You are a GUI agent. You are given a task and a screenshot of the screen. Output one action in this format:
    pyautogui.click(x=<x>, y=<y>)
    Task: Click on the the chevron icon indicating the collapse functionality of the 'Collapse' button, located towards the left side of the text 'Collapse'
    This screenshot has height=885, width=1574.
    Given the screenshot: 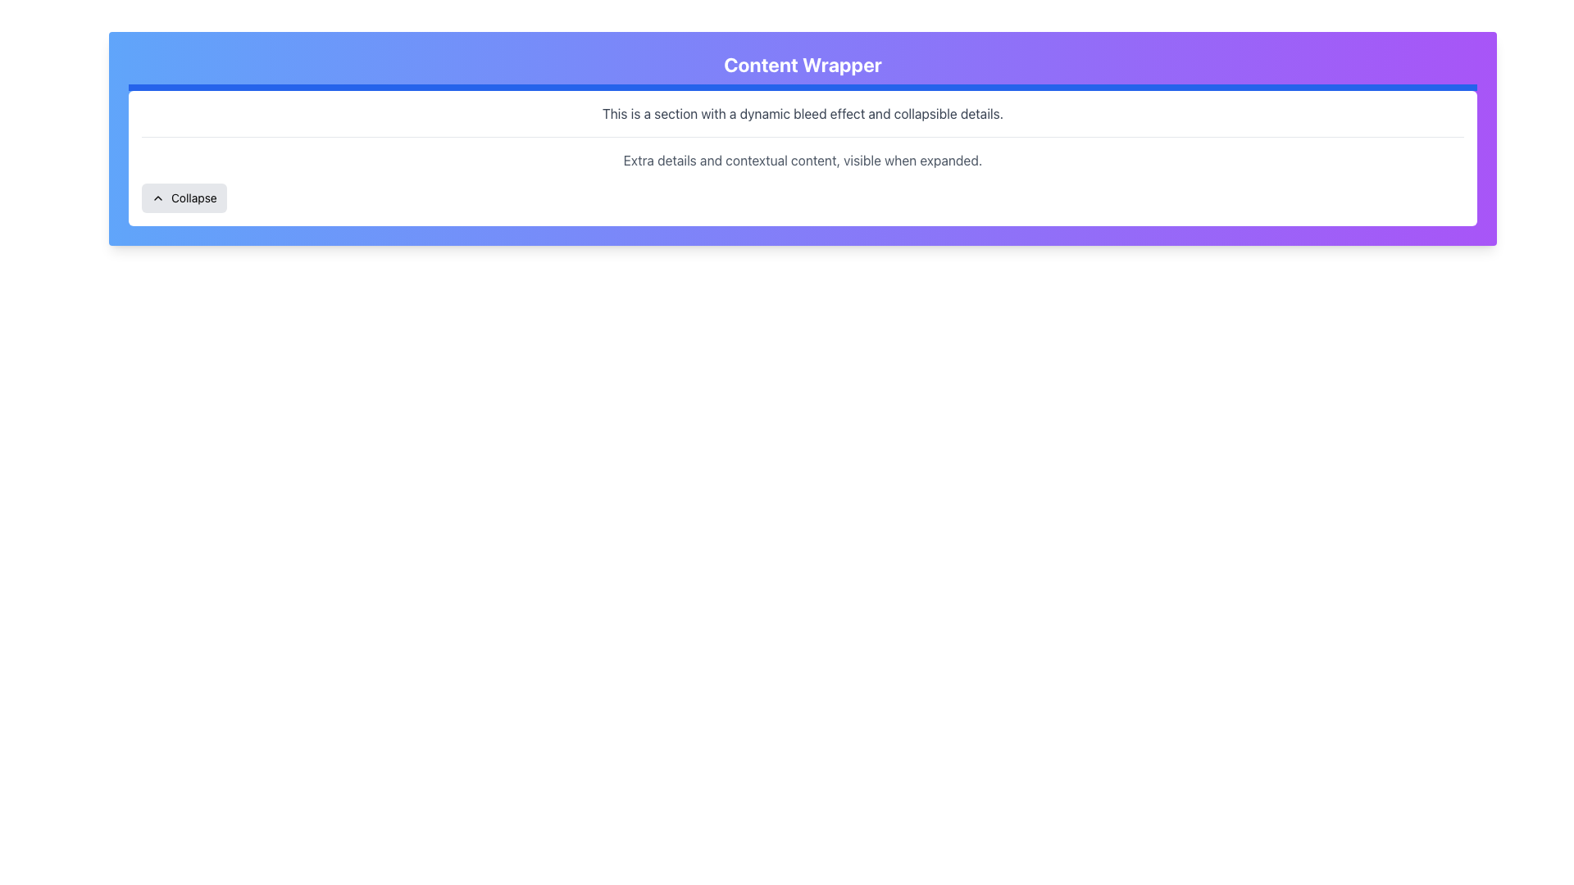 What is the action you would take?
    pyautogui.click(x=157, y=197)
    